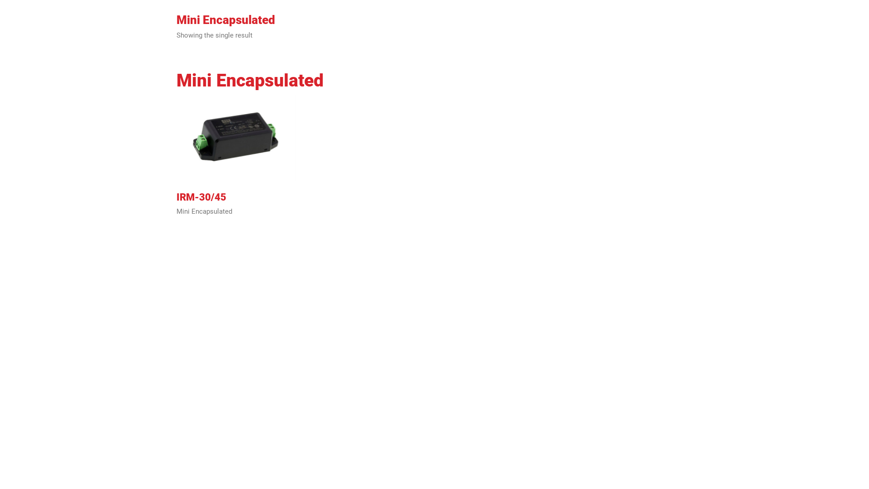 The width and height of the screenshot is (869, 489). I want to click on 'IRM-30/45', so click(176, 197).